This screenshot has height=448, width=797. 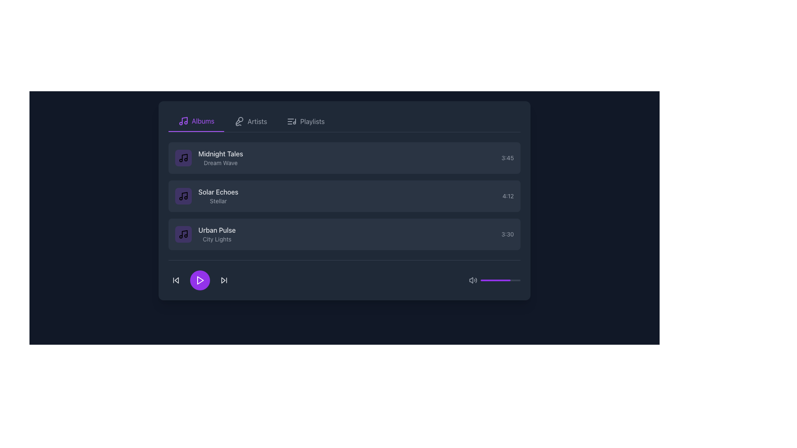 What do you see at coordinates (218, 201) in the screenshot?
I see `the text label displaying 'Stellar', which is a small gray font located directly below 'Solar Echoes' in a list view` at bounding box center [218, 201].